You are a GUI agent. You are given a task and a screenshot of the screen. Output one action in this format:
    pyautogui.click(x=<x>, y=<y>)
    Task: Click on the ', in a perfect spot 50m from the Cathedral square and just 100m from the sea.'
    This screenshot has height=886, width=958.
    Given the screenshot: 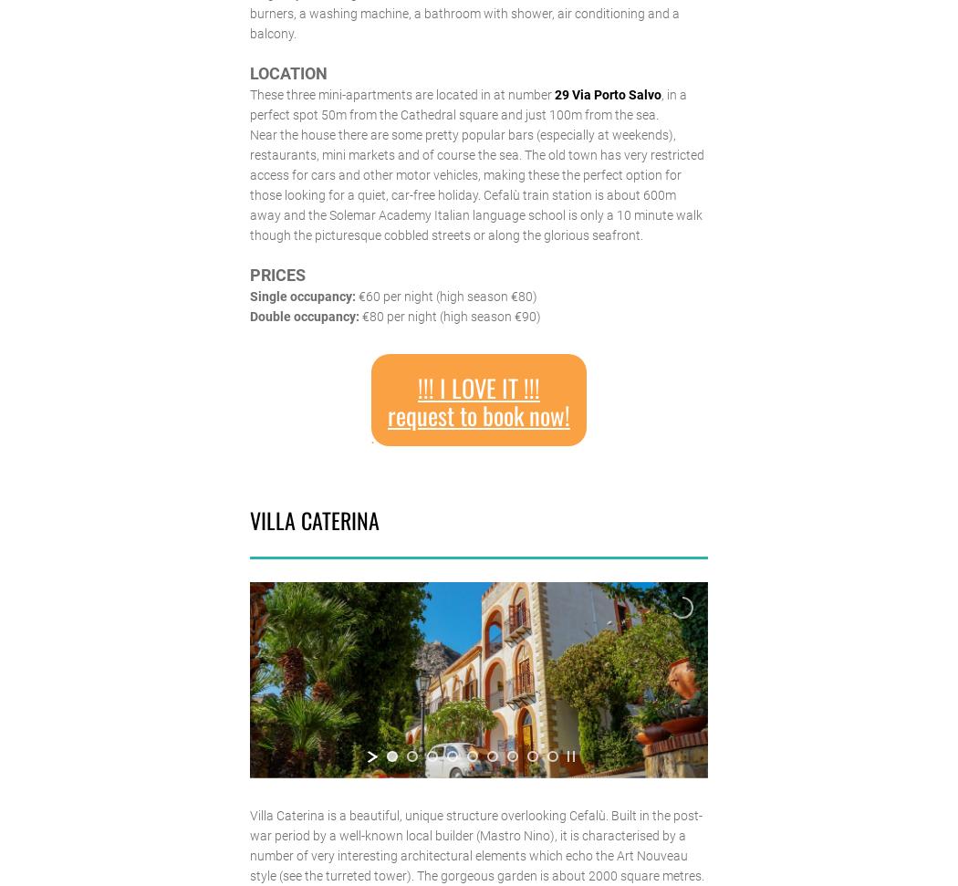 What is the action you would take?
    pyautogui.click(x=466, y=103)
    